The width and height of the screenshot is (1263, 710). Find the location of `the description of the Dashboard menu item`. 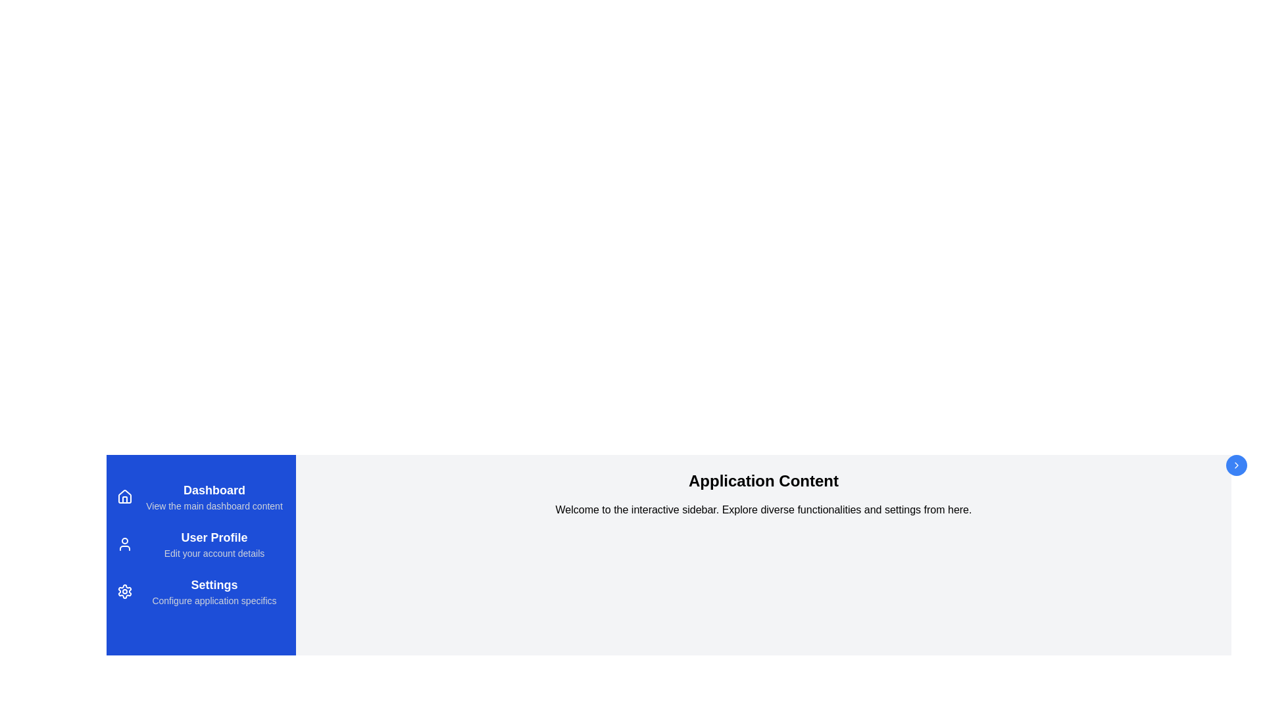

the description of the Dashboard menu item is located at coordinates (214, 490).